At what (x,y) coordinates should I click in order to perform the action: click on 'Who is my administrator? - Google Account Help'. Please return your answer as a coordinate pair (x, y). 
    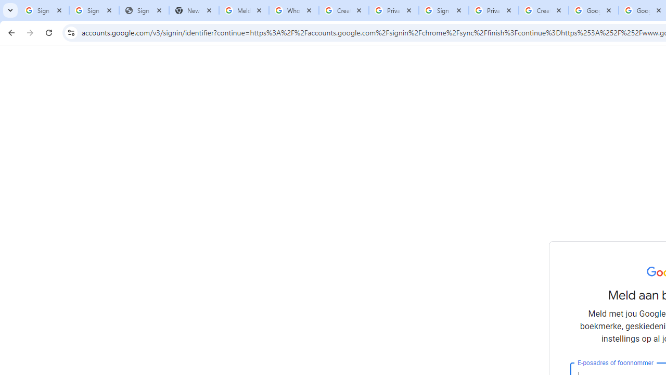
    Looking at the image, I should click on (293, 10).